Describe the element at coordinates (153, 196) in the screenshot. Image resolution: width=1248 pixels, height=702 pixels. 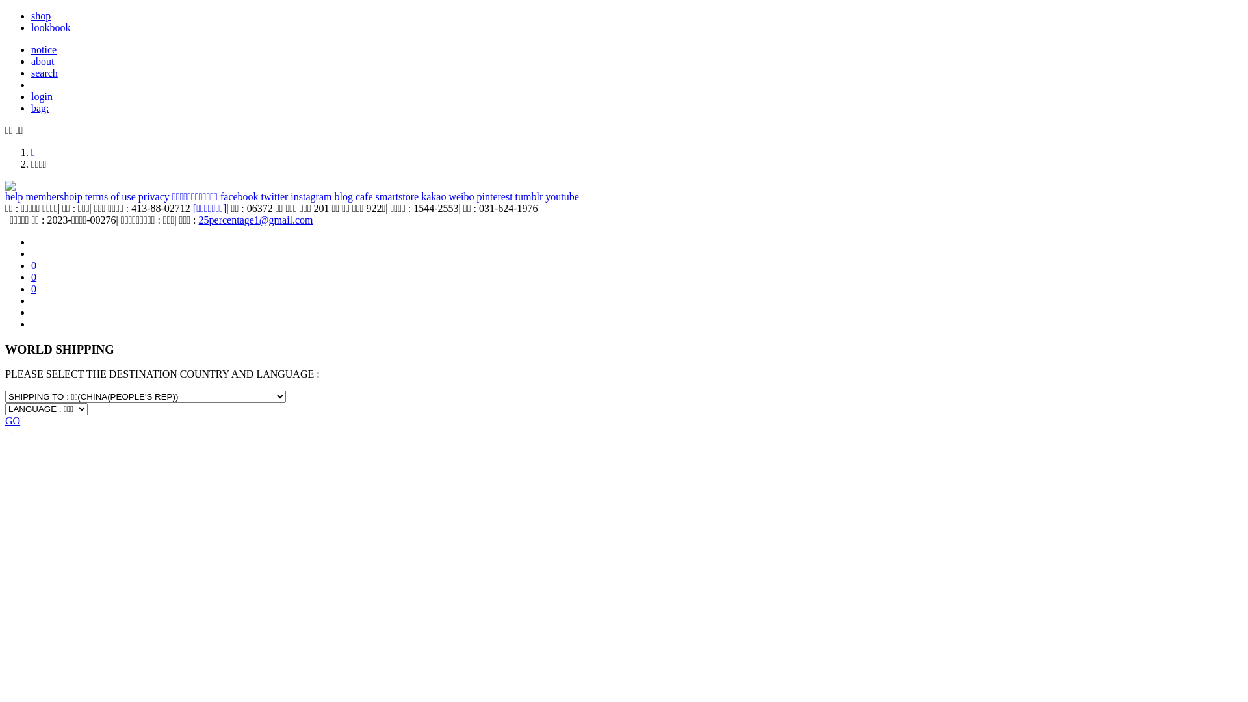
I see `'privacy'` at that location.